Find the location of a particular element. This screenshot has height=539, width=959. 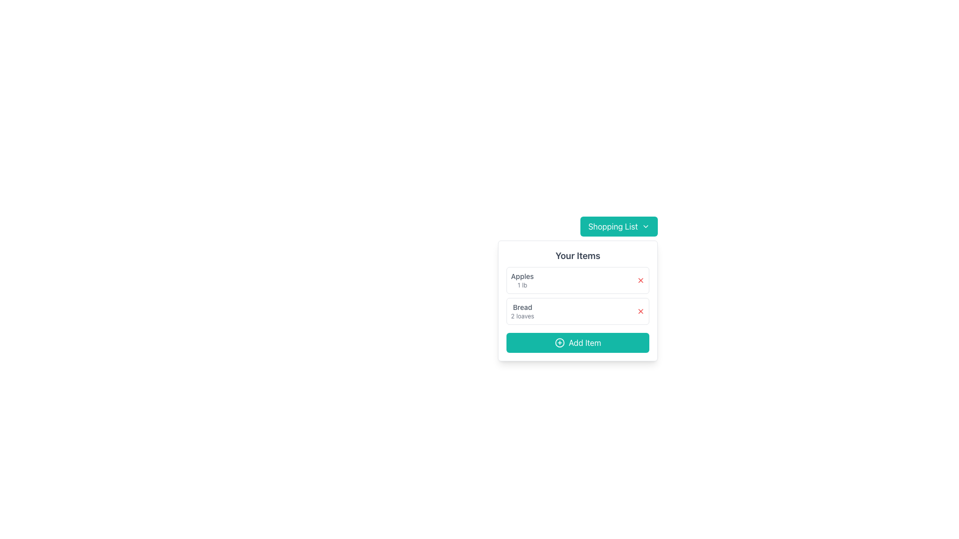

the delete button icon located in the upper-right corner of the 'Apples' item to potentially display a tooltip is located at coordinates (641, 280).